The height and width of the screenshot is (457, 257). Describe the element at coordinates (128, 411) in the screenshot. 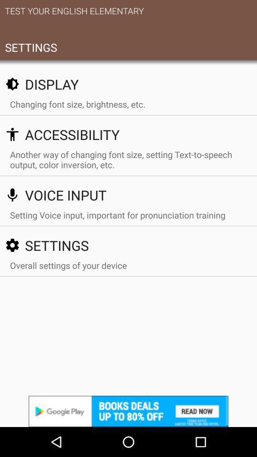

I see `advertisement link` at that location.